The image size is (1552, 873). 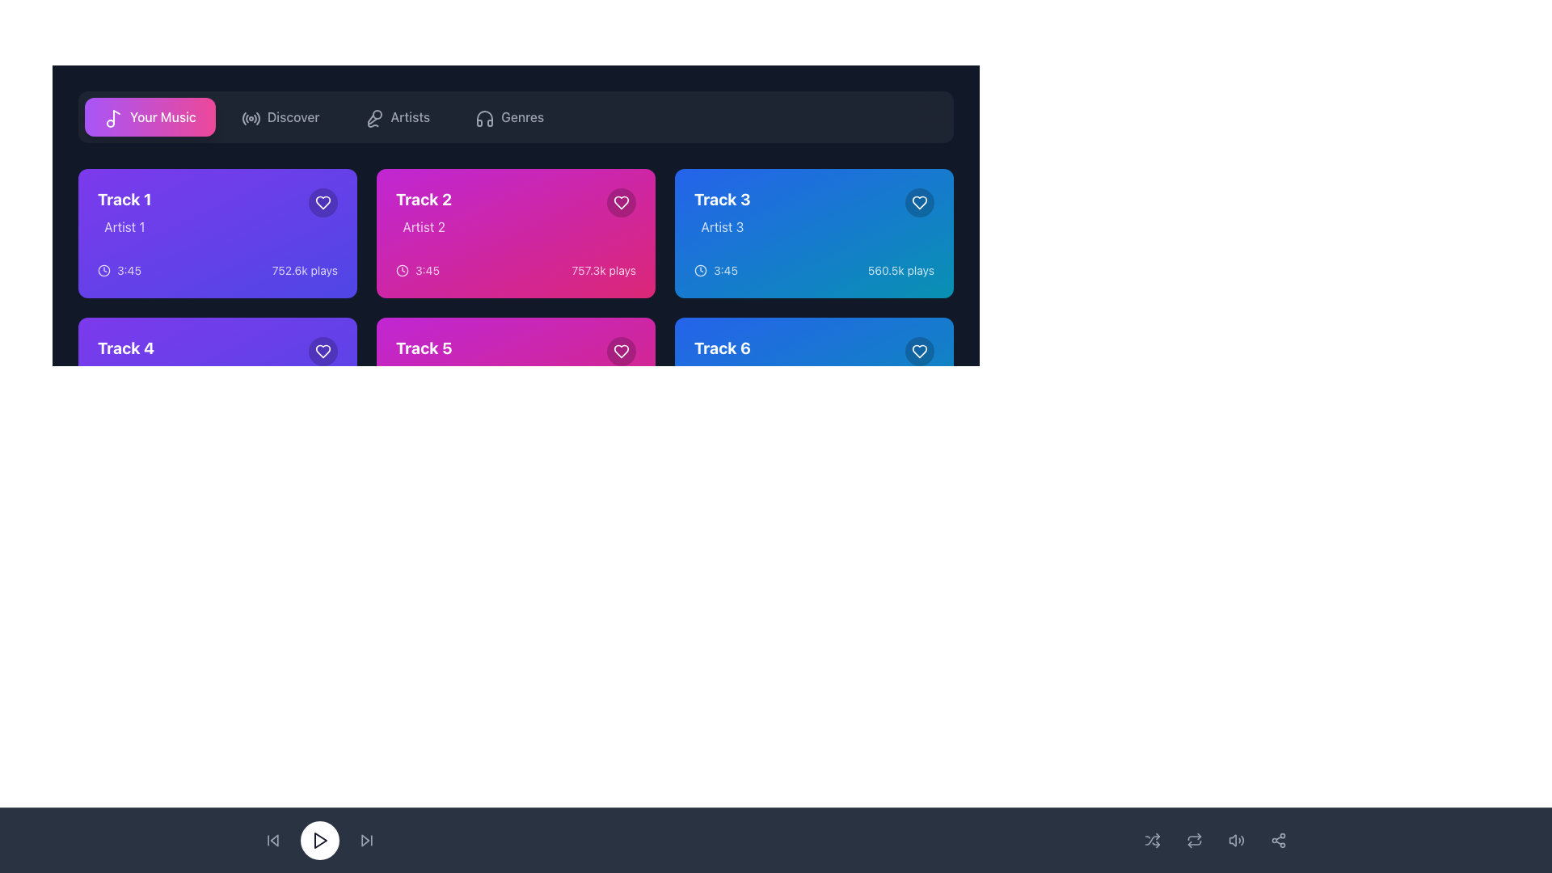 I want to click on the 'Genres' text label located in the top navigation bar, which is styled in a muted gray color and positioned to the right of a headphones icon, so click(x=522, y=116).